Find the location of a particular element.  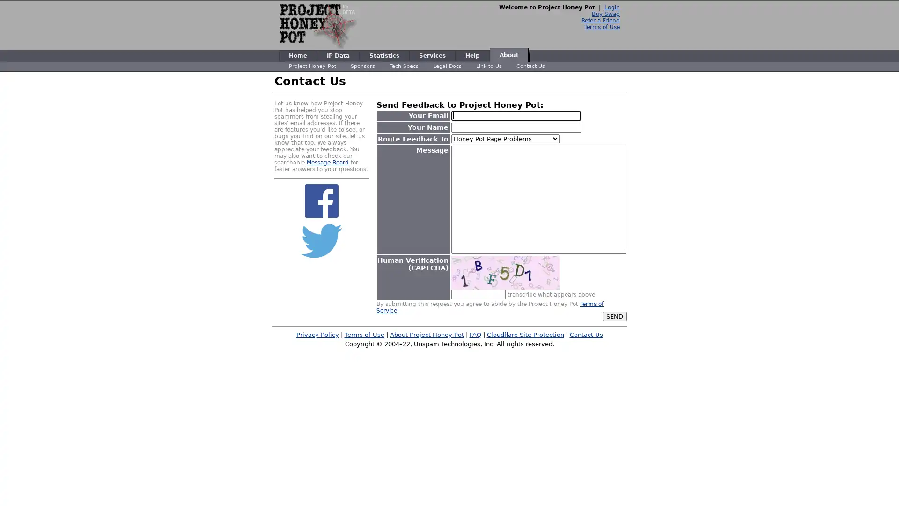

SEND is located at coordinates (615, 316).